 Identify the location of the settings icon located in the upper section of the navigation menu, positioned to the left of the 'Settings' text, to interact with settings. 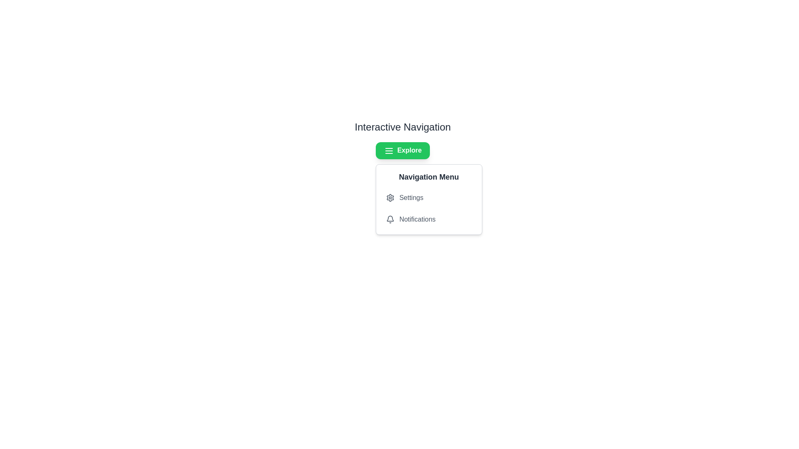
(390, 197).